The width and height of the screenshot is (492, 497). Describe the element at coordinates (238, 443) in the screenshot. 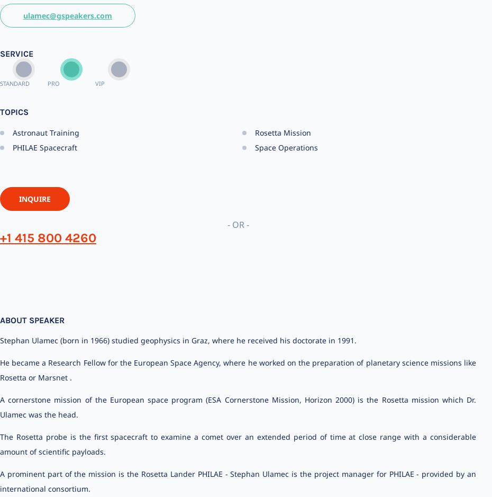

I see `'The Rosetta probe is the first spacecraft to examine a comet over an extended period of time at close range with a considerable amount of scientific payloads.'` at that location.